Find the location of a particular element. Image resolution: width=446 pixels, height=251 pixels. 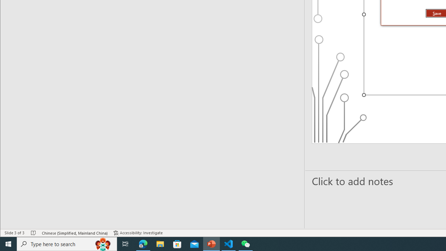

'Visual Studio Code - 1 running window' is located at coordinates (229, 243).